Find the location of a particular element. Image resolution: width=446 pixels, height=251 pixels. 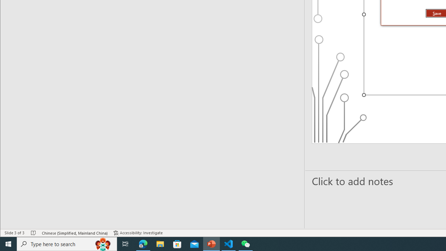

'Visual Studio Code - 1 running window' is located at coordinates (229, 243).